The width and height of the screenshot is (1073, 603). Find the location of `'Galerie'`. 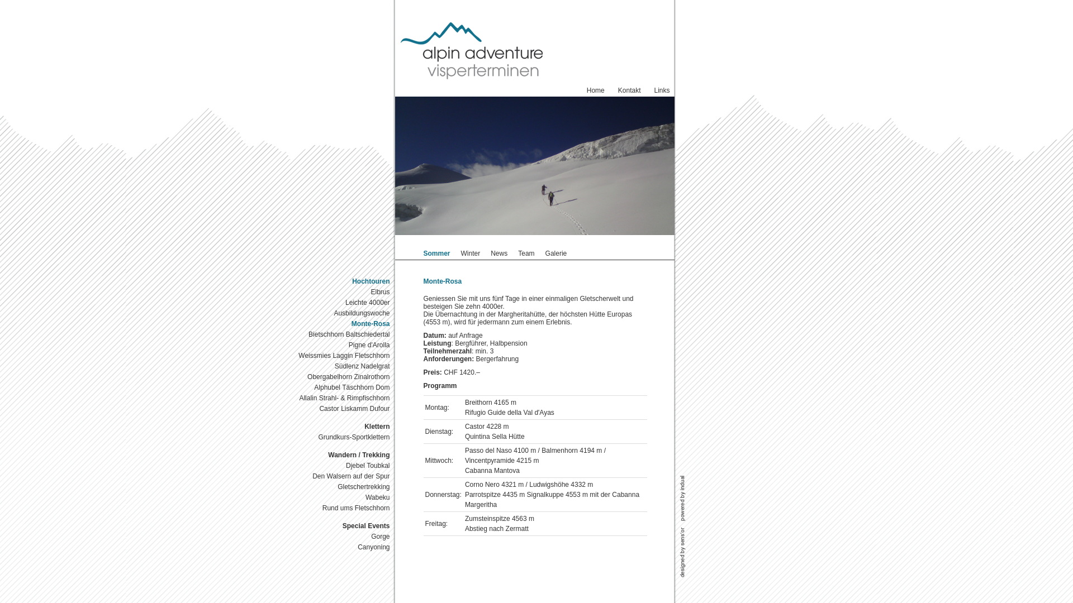

'Galerie' is located at coordinates (545, 253).